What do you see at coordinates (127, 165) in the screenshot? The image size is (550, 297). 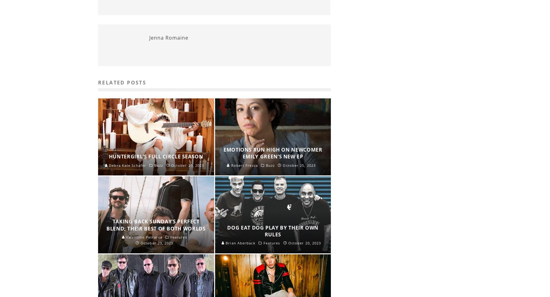 I see `'Debra Kate Schafer'` at bounding box center [127, 165].